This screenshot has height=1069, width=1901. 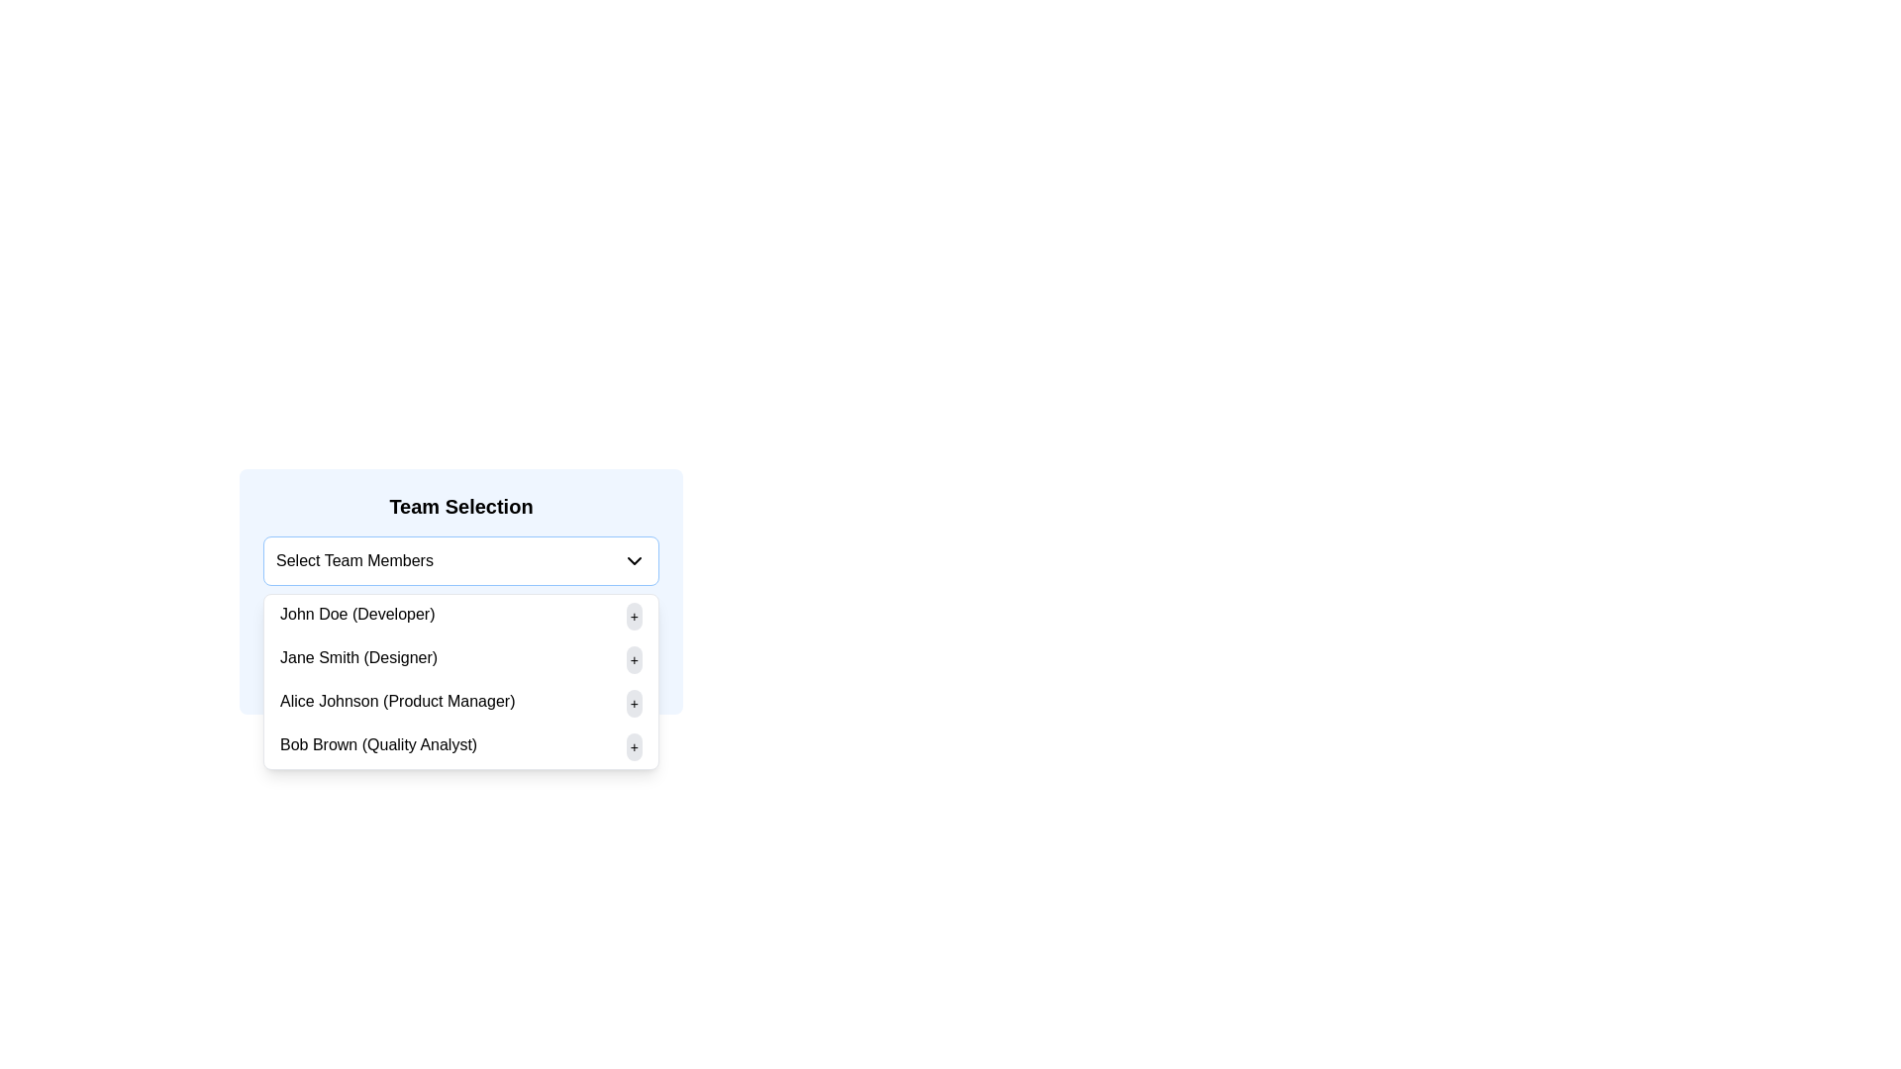 What do you see at coordinates (634, 702) in the screenshot?
I see `the small circular button with a plus sign located at the far right of the list item labeled 'Alice Johnson (Product Manager)'` at bounding box center [634, 702].